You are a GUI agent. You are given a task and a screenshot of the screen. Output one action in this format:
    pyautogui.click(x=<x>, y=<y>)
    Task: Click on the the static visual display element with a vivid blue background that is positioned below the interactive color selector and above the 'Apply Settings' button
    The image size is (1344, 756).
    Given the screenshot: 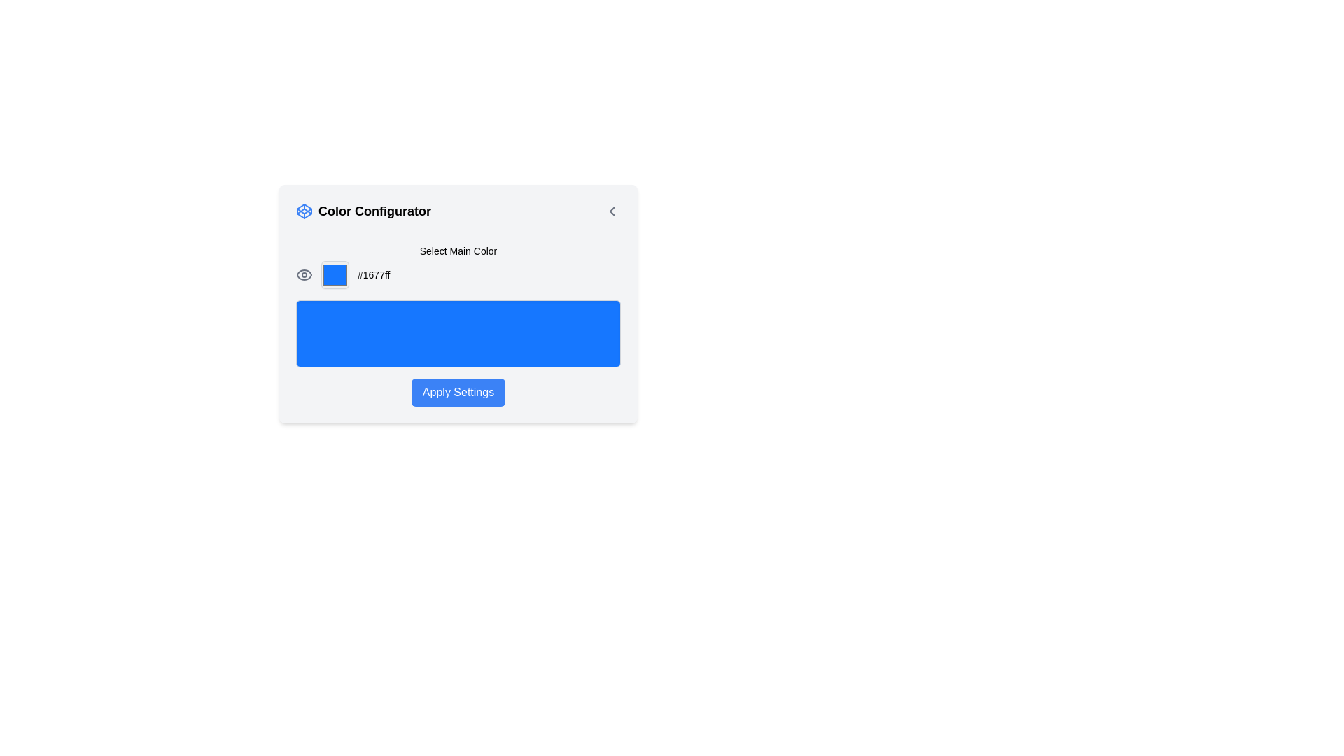 What is the action you would take?
    pyautogui.click(x=458, y=325)
    